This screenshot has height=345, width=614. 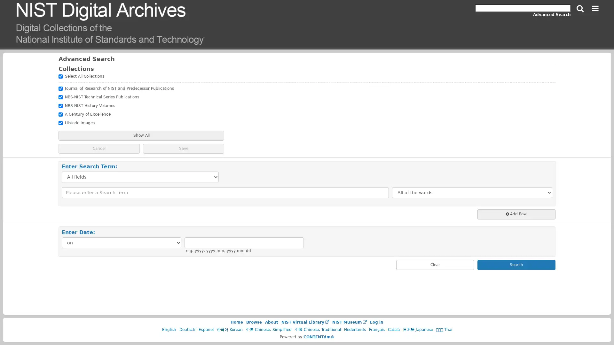 I want to click on Search, so click(x=580, y=9).